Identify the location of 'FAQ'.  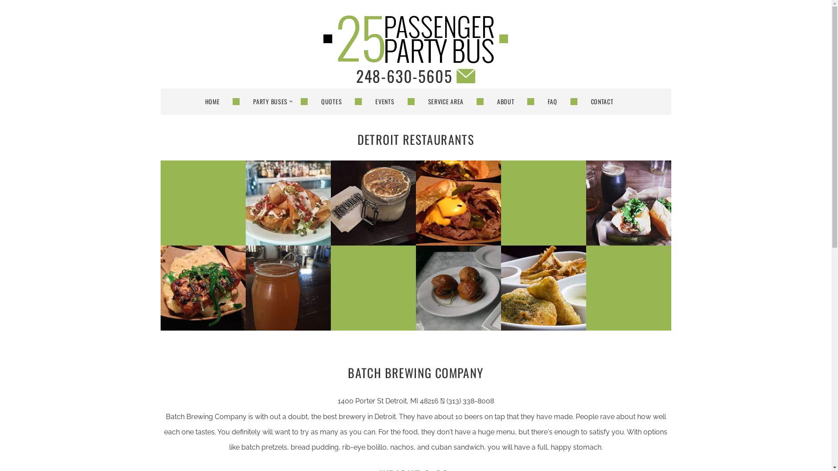
(548, 101).